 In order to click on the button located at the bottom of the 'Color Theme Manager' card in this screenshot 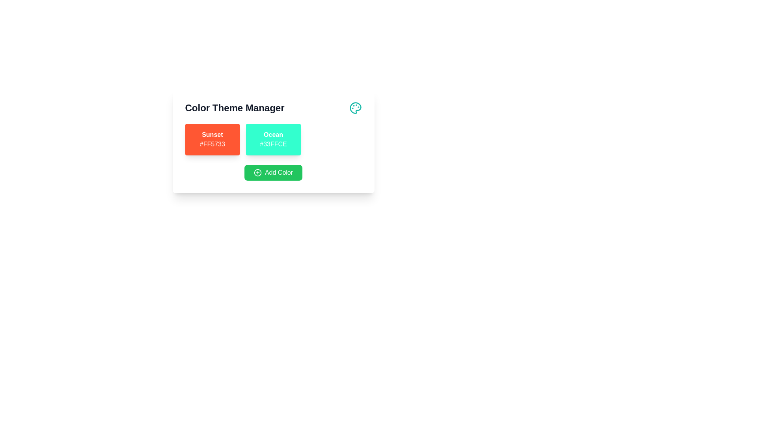, I will do `click(273, 172)`.